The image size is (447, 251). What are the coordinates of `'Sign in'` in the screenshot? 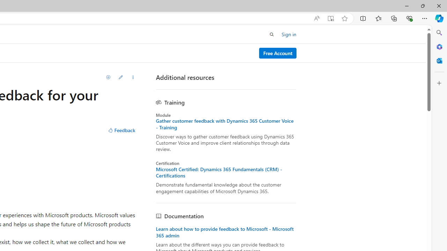 It's located at (289, 34).